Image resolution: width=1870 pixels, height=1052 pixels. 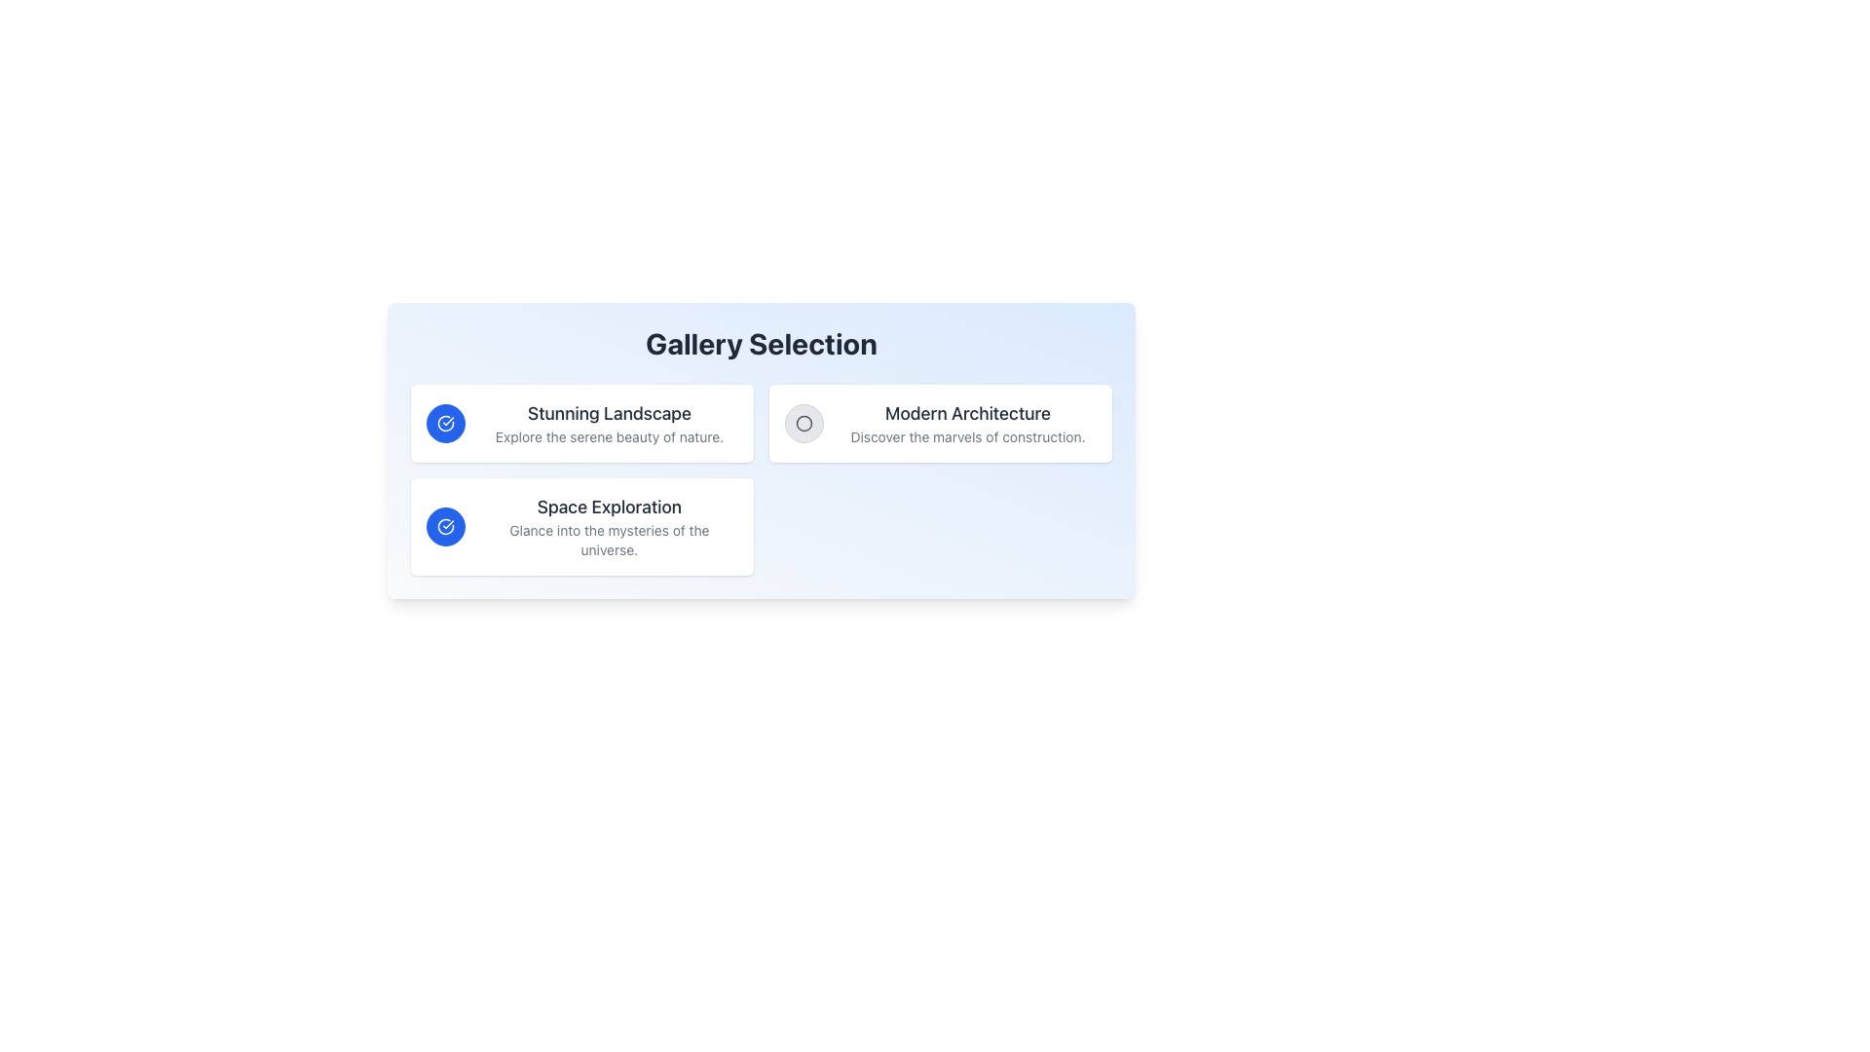 I want to click on the text label displaying 'Modern Architecture', which is styled in bold, dark gray font and positioned above a descriptive text in the right-hand selection panel, so click(x=967, y=412).